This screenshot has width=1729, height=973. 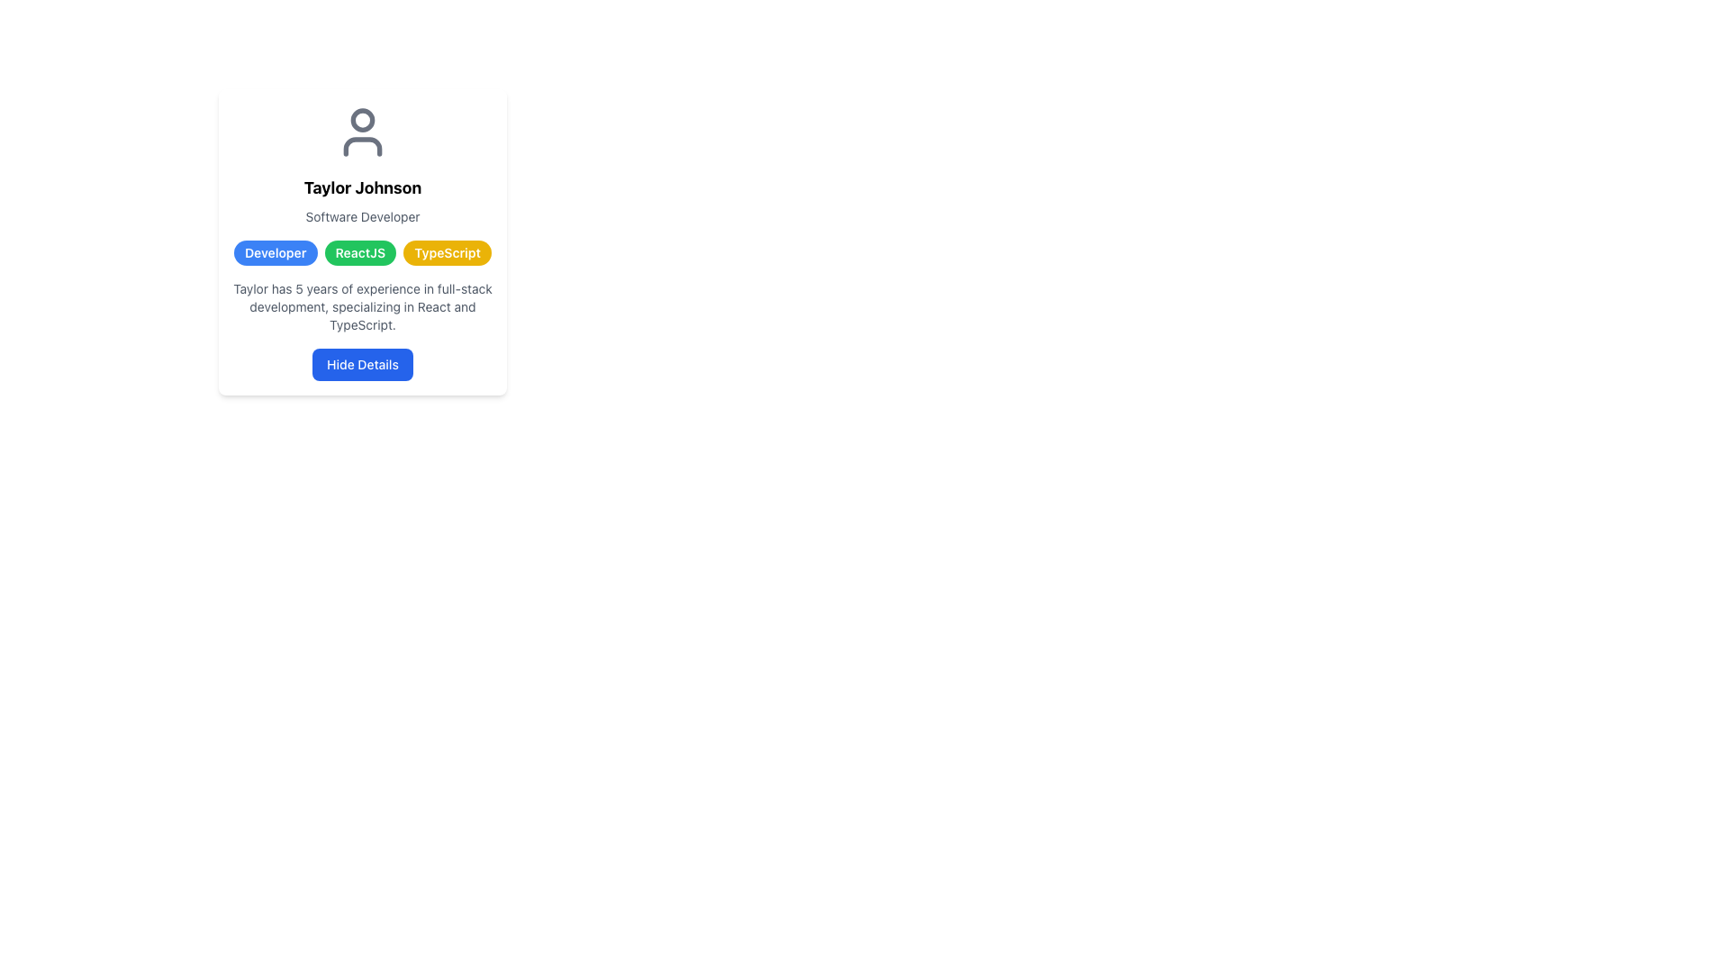 What do you see at coordinates (362, 131) in the screenshot?
I see `the user silhouette circular icon with gray lines on a white background, located at the top-center of the card above the 'Taylor Johnson' heading` at bounding box center [362, 131].